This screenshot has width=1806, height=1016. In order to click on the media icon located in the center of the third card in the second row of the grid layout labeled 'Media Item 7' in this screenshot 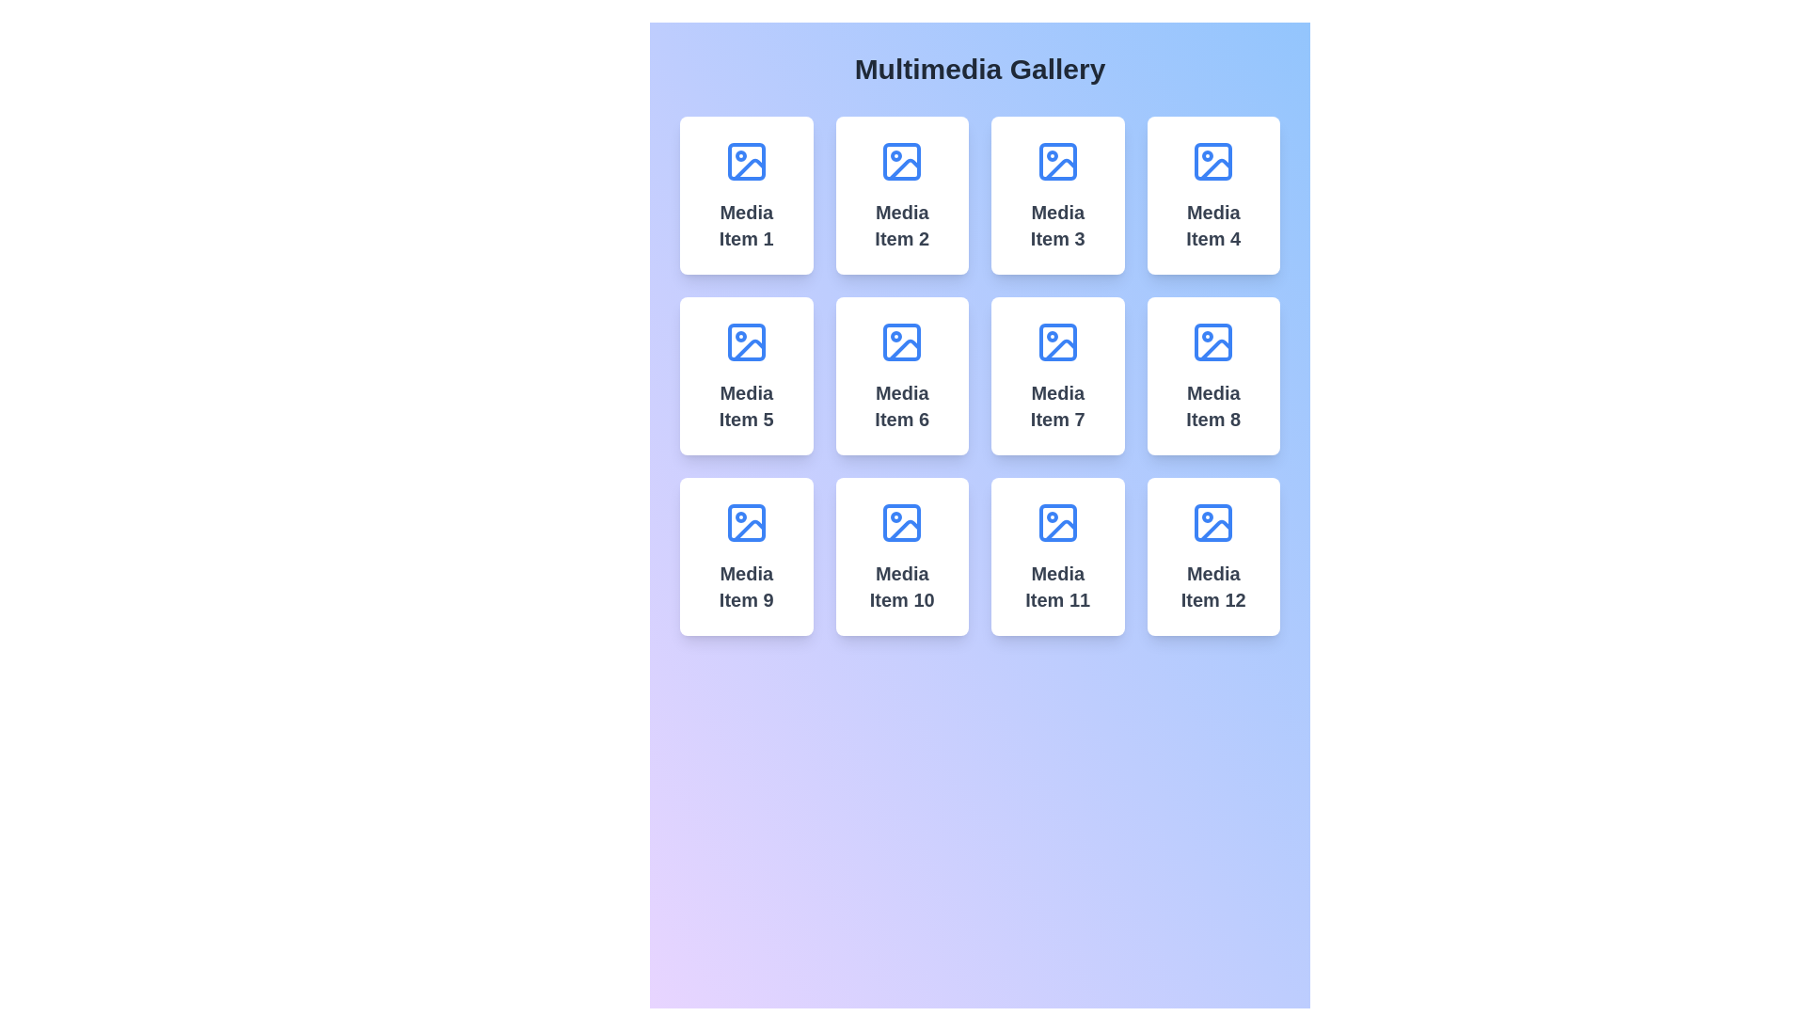, I will do `click(1057, 341)`.